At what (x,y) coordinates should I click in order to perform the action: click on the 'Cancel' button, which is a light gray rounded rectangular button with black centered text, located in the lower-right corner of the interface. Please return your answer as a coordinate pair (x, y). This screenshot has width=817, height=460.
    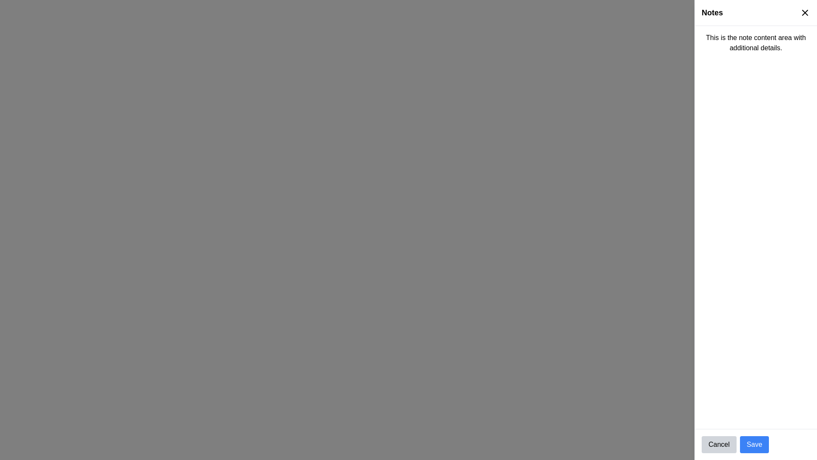
    Looking at the image, I should click on (718, 444).